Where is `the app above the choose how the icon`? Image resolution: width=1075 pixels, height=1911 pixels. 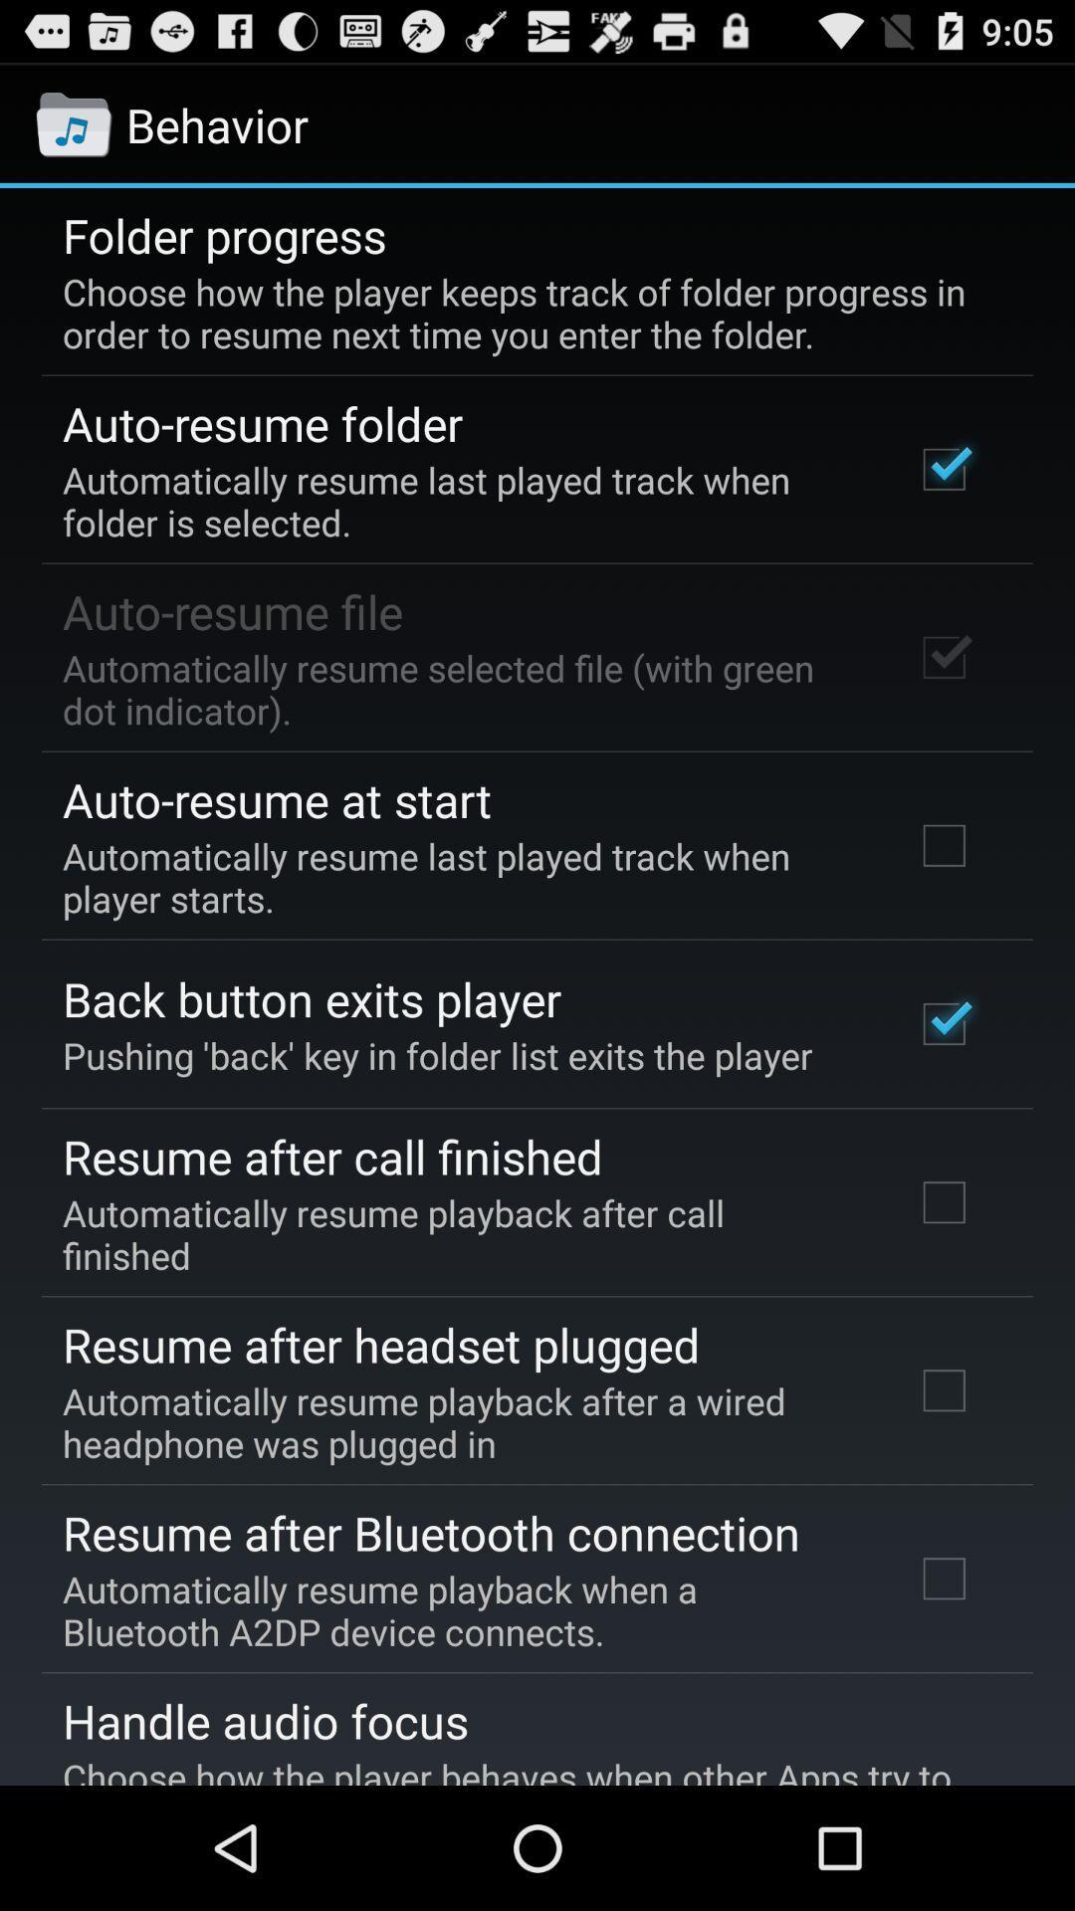
the app above the choose how the icon is located at coordinates (264, 1720).